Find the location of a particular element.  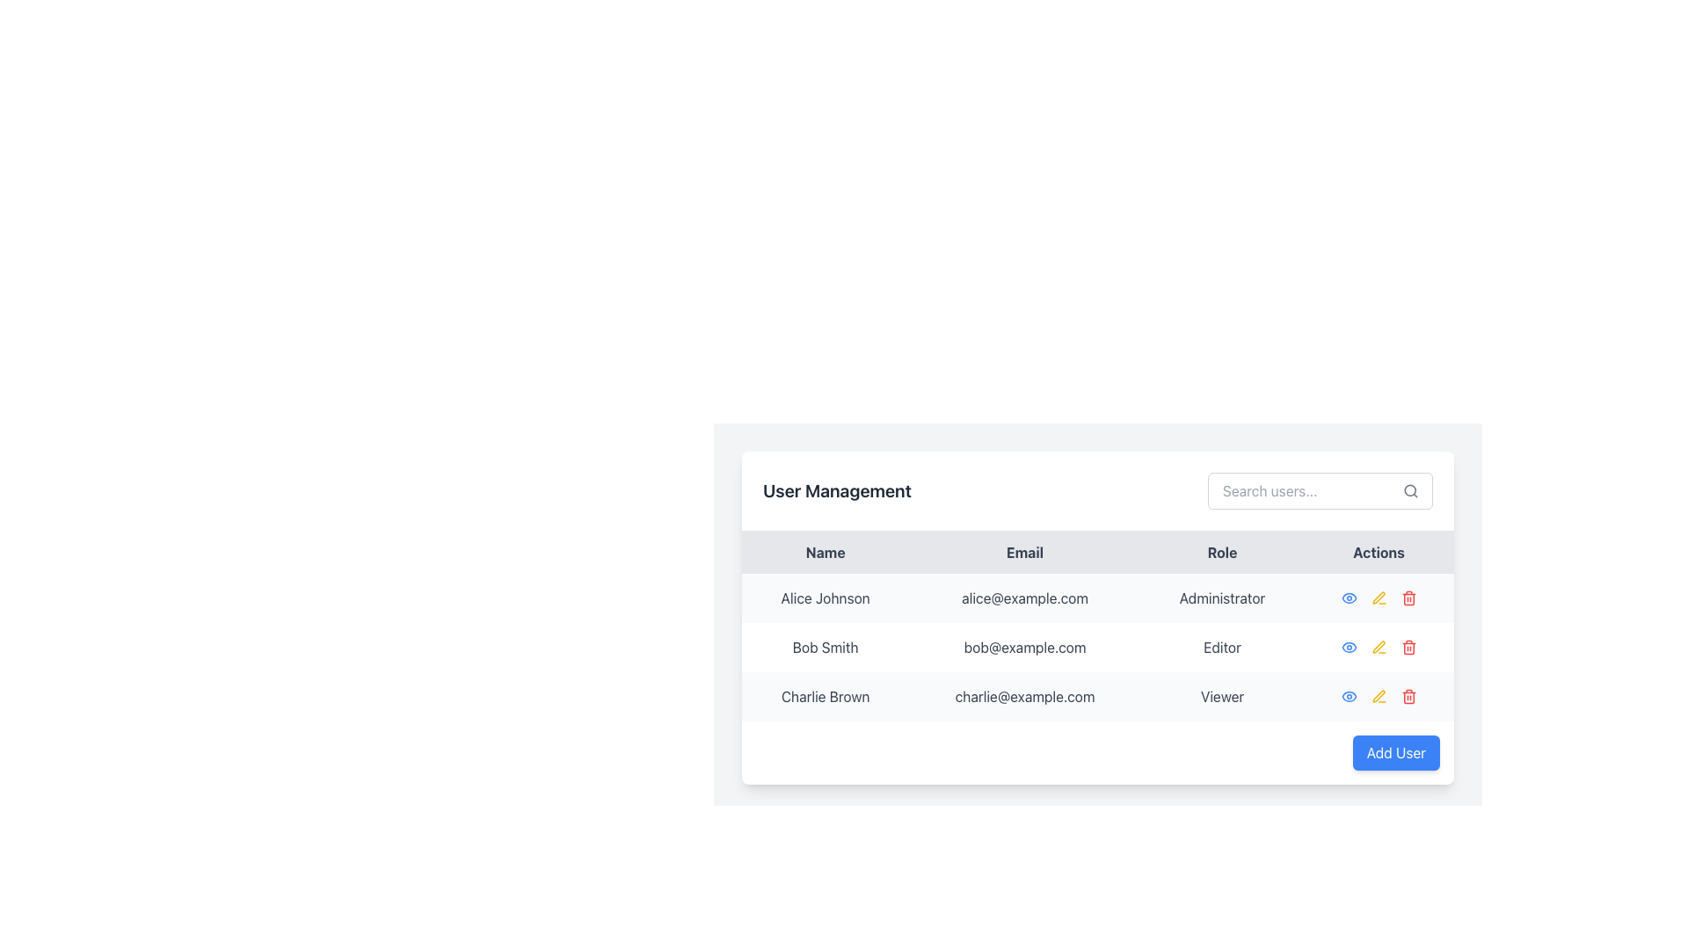

the individual icons within the Group of Action Buttons for user 'Charlie Brown', which includes viewing details, editing information, and deleting the user is located at coordinates (1378, 696).